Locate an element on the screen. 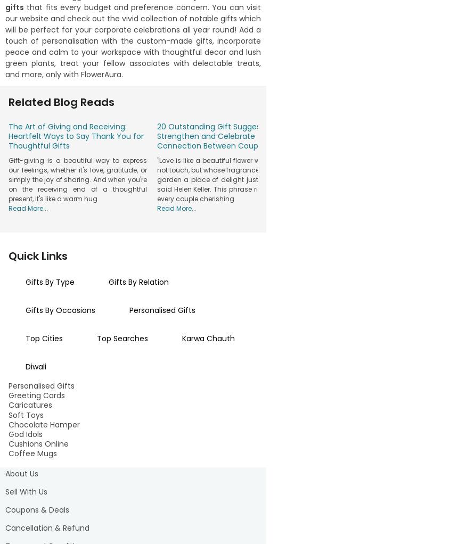 This screenshot has width=474, height=544. 'Order Best Gift Hampers Online & Get Same-Day Delivery' is located at coordinates (132, 308).